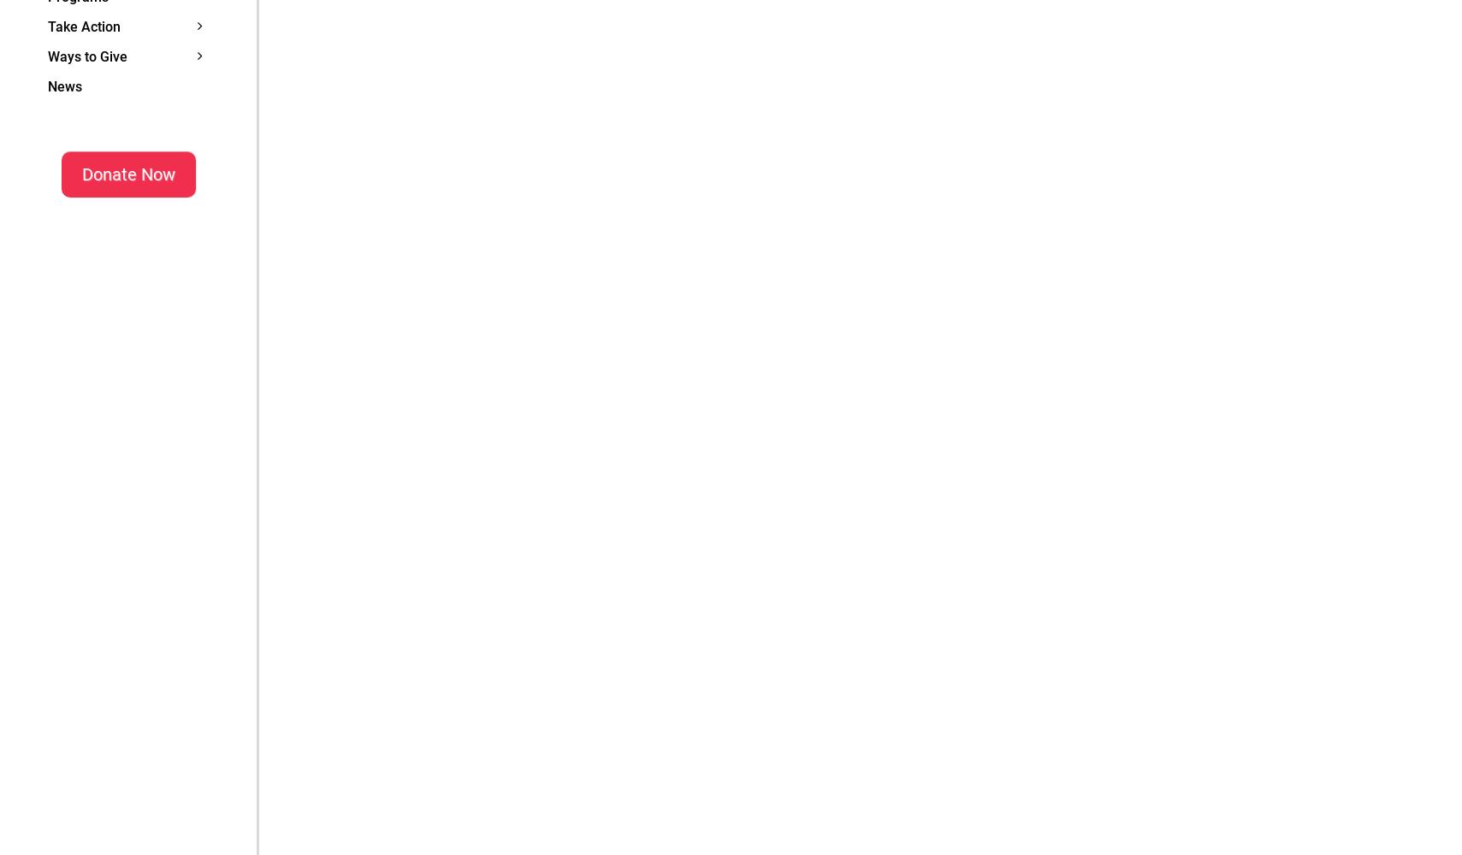 Image resolution: width=1462 pixels, height=855 pixels. I want to click on 'Our Partners', so click(283, 77).